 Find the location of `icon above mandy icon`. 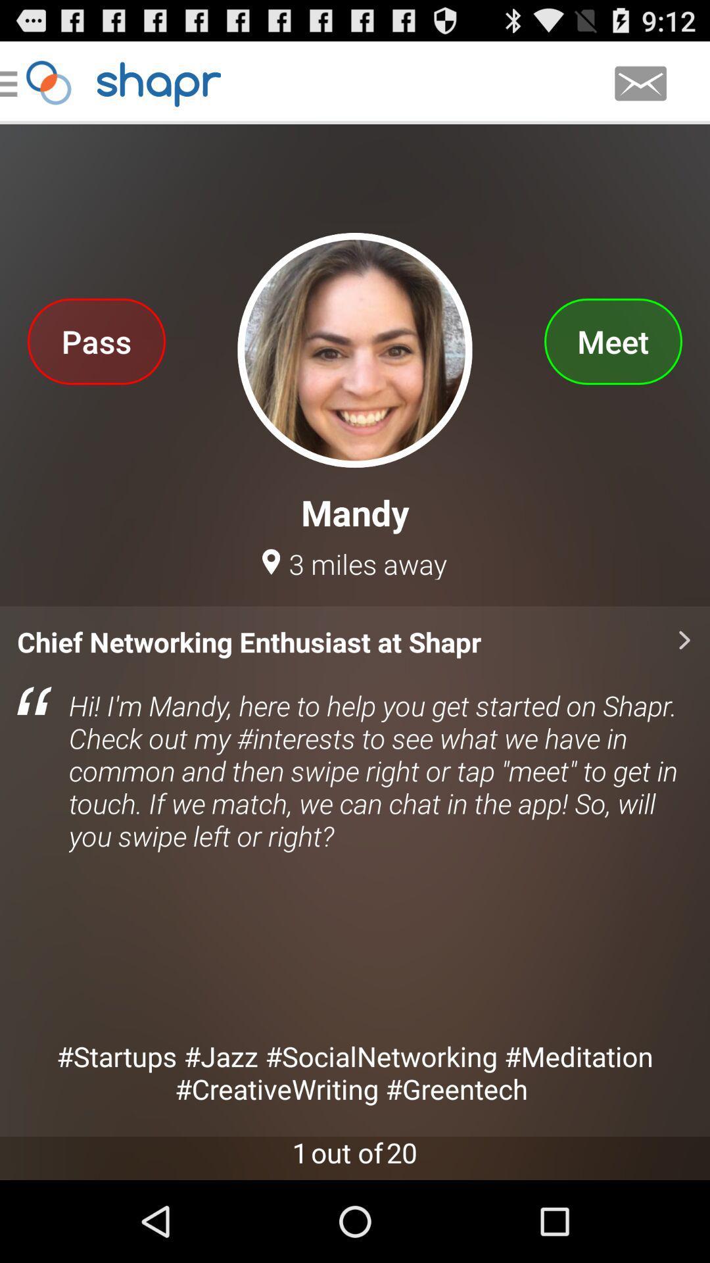

icon above mandy icon is located at coordinates (613, 341).